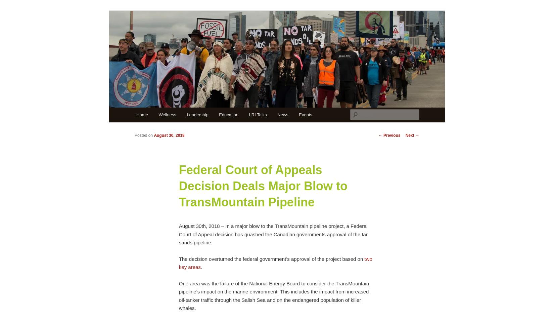 The height and width of the screenshot is (321, 554). What do you see at coordinates (178, 296) in the screenshot?
I see `'One area was the failure of the National Energy Board to consider the TransMountain pipeline’s impact on the marine environment. This includes the impact from increased oil-tanker traffic through the Salish Sea and on the endangered population of killer whales.'` at bounding box center [178, 296].